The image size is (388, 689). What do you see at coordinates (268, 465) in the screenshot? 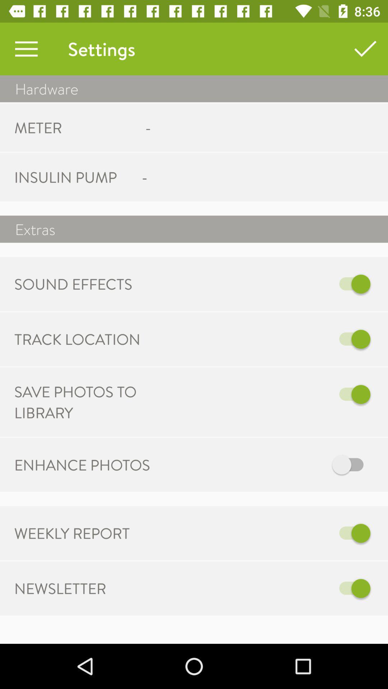
I see `enhance photos option` at bounding box center [268, 465].